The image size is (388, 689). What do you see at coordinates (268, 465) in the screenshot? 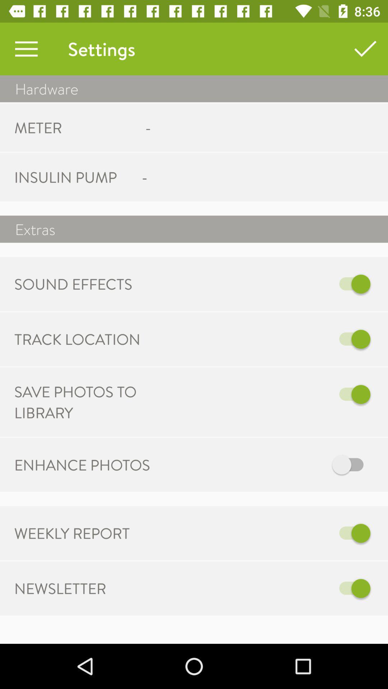
I see `enhance photos option` at bounding box center [268, 465].